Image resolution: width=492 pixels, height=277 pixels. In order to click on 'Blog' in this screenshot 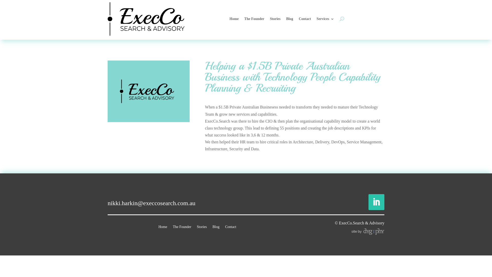, I will do `click(290, 18)`.